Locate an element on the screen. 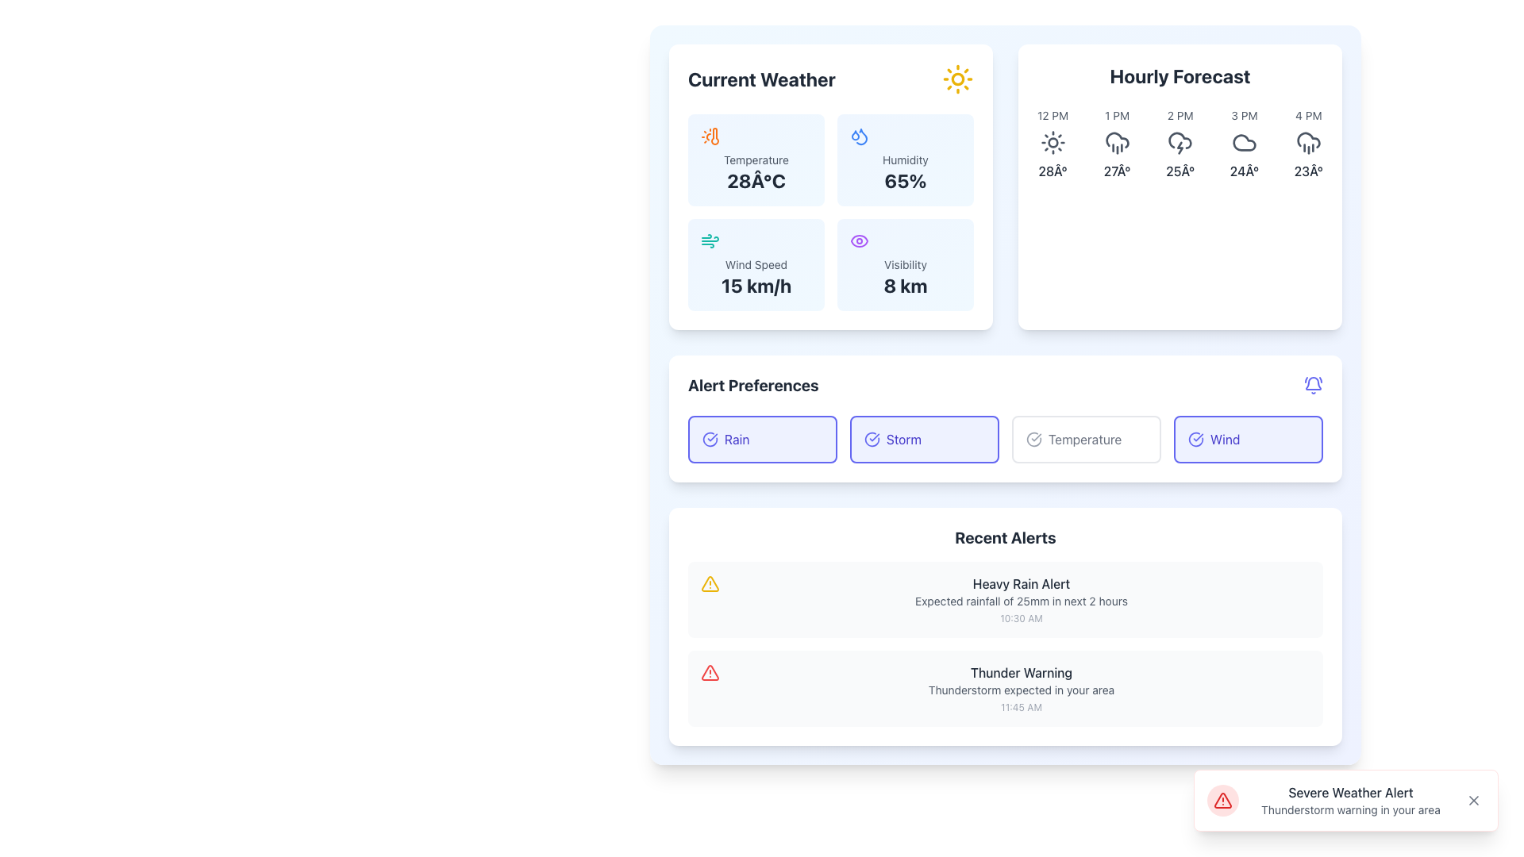 The width and height of the screenshot is (1524, 857). informational text element displaying the alert title 'Severe Weather Alert' and the description 'Thunderstorm warning in your area', located in the bottom-right alert box is located at coordinates (1350, 801).